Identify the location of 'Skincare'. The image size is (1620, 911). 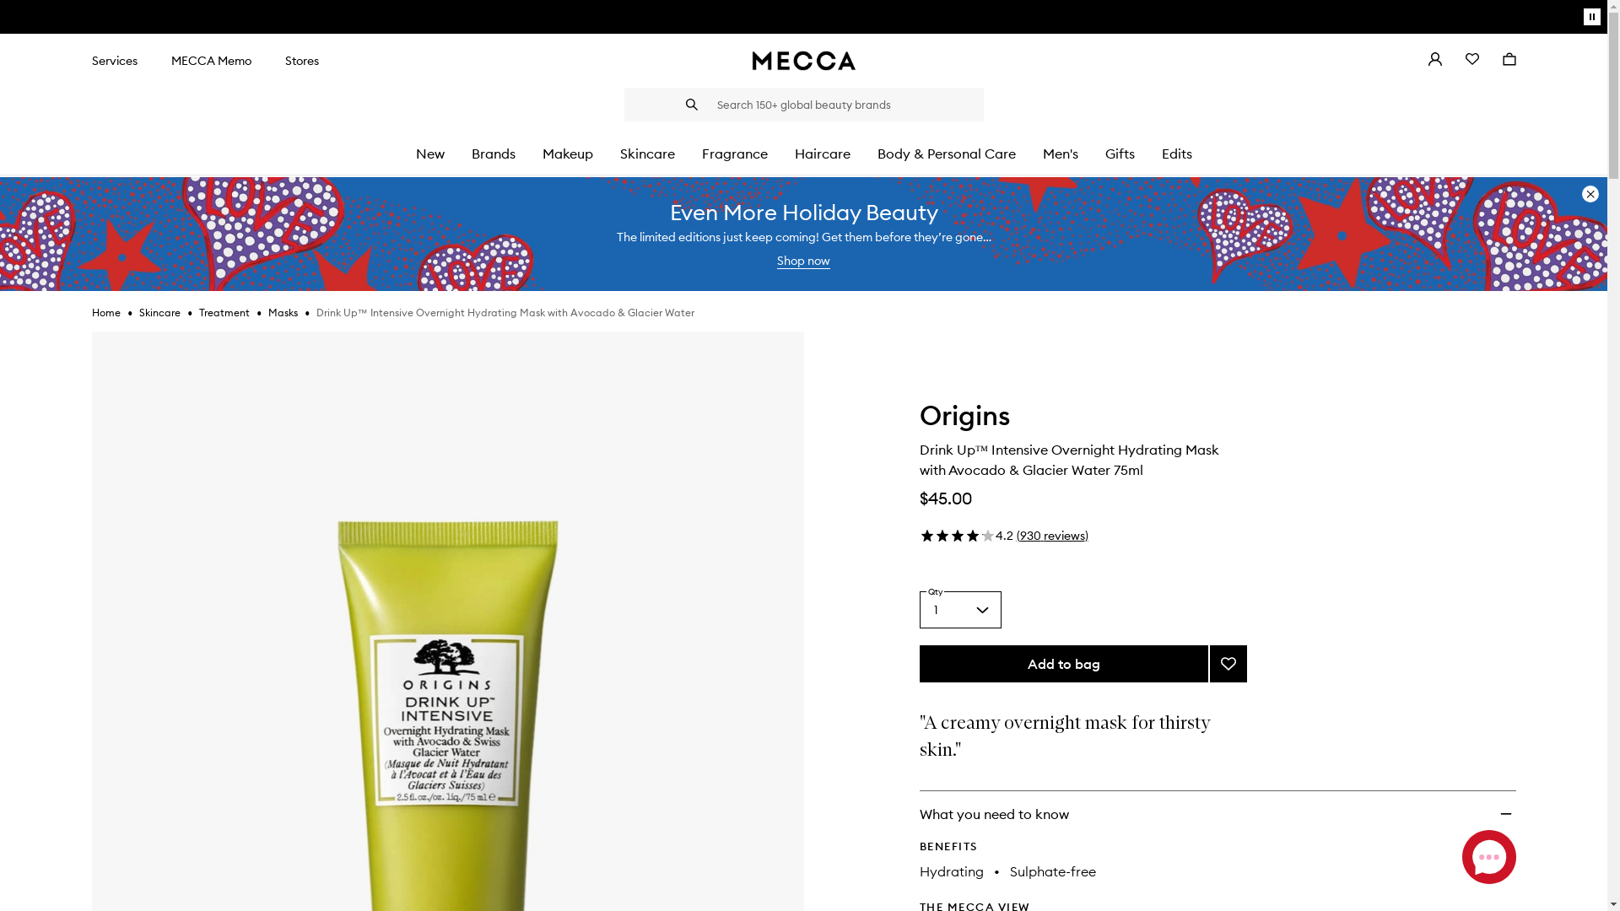
(159, 312).